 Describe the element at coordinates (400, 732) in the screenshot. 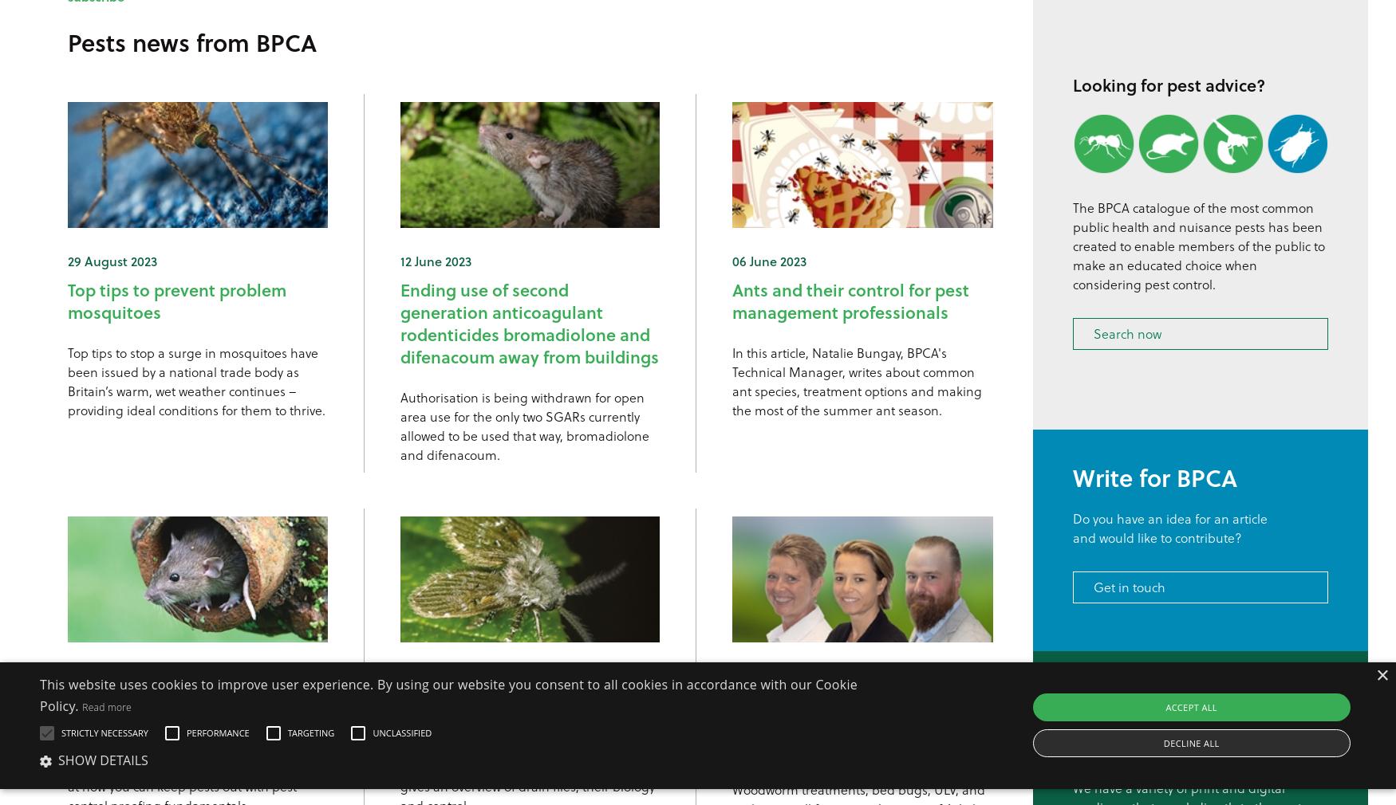

I see `'Unclassified'` at that location.